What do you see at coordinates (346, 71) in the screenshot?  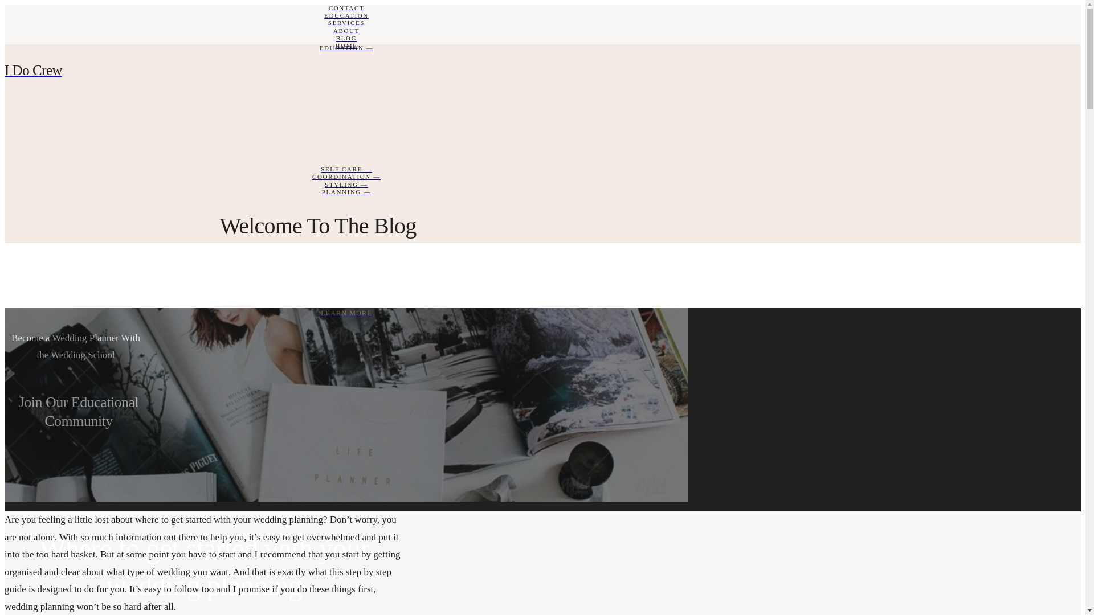 I see `'I Do Crew'` at bounding box center [346, 71].